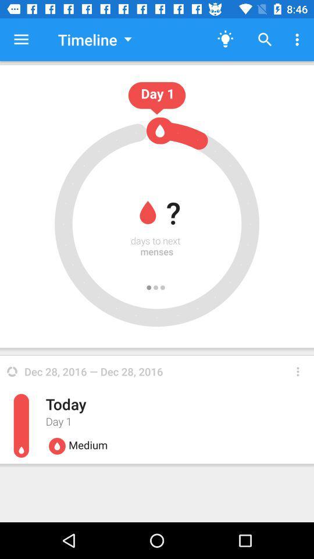 The width and height of the screenshot is (314, 559). I want to click on more details about today in your cycle, so click(298, 371).